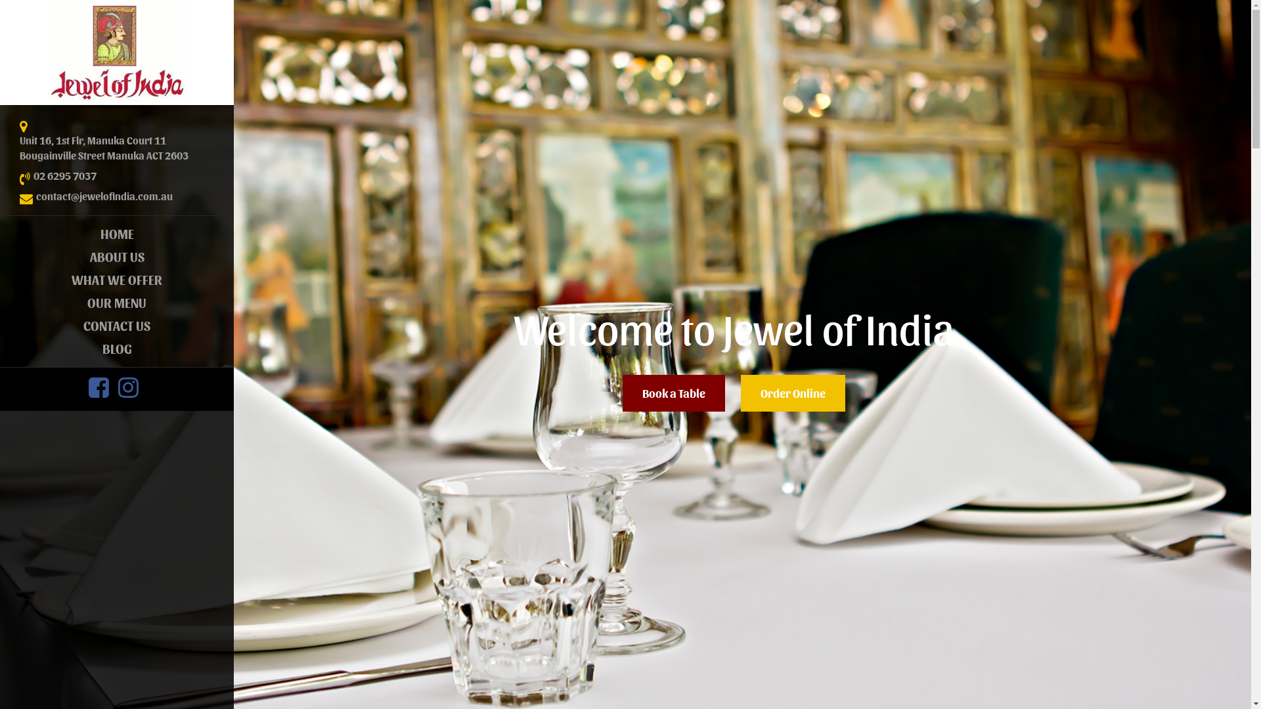  What do you see at coordinates (116, 303) in the screenshot?
I see `'OUR MENU'` at bounding box center [116, 303].